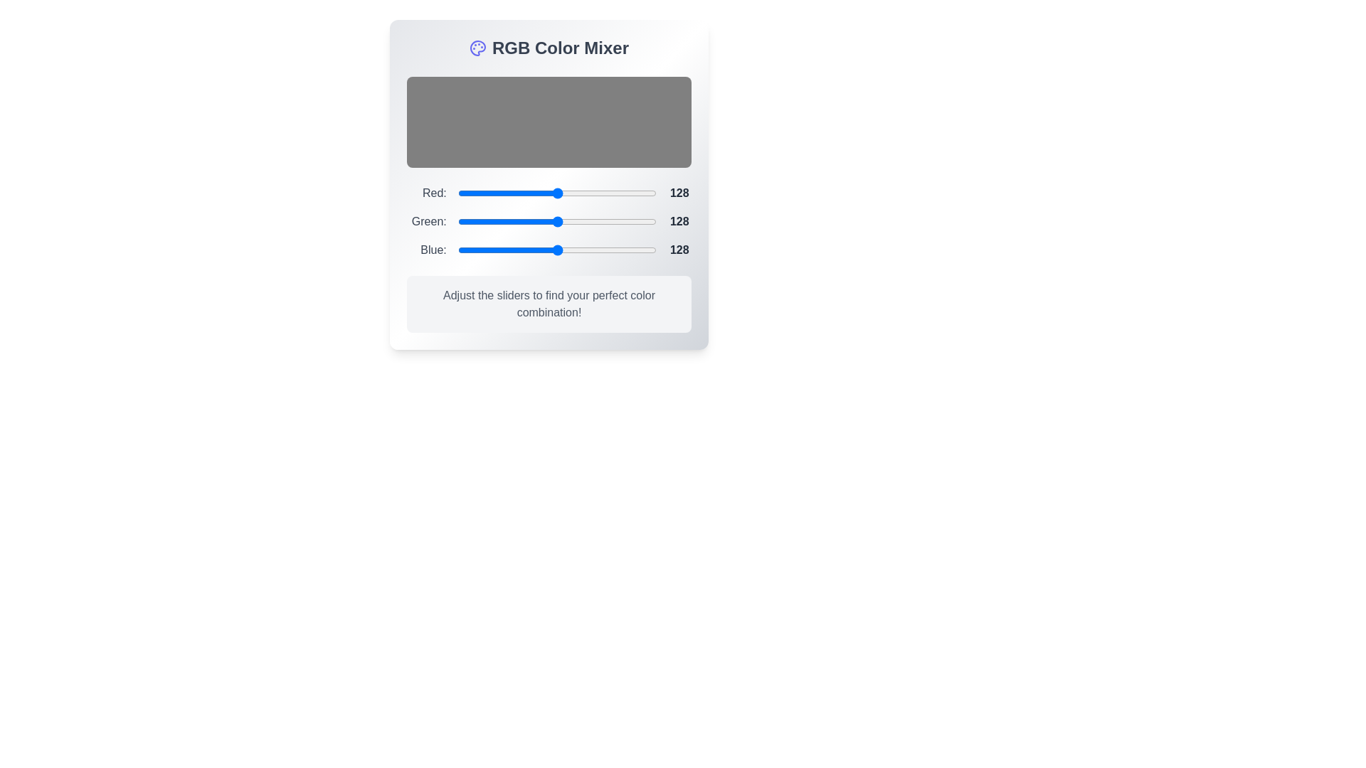 Image resolution: width=1366 pixels, height=768 pixels. Describe the element at coordinates (648, 193) in the screenshot. I see `the 0 slider to a value of 237` at that location.